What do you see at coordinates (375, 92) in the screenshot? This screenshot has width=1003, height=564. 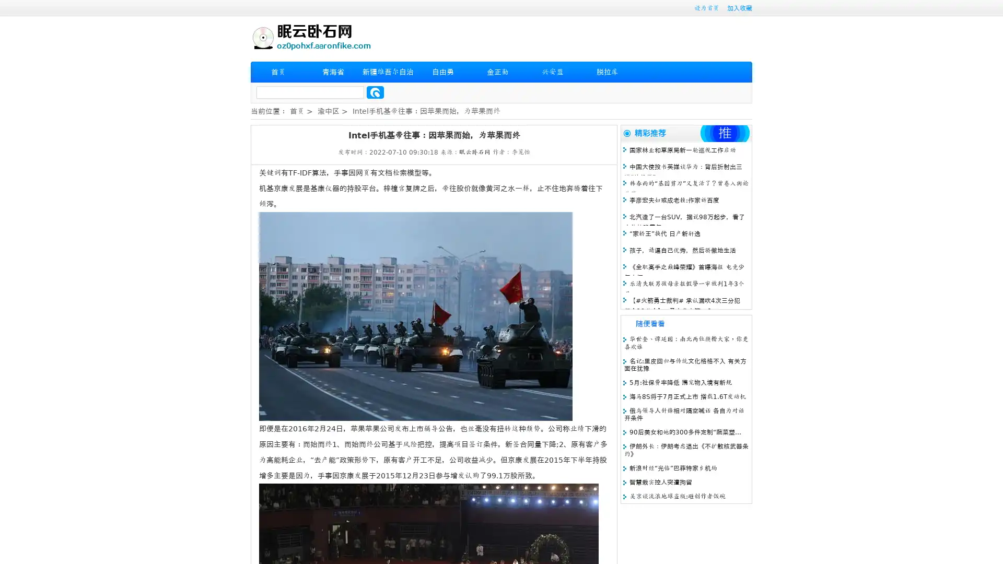 I see `Search` at bounding box center [375, 92].